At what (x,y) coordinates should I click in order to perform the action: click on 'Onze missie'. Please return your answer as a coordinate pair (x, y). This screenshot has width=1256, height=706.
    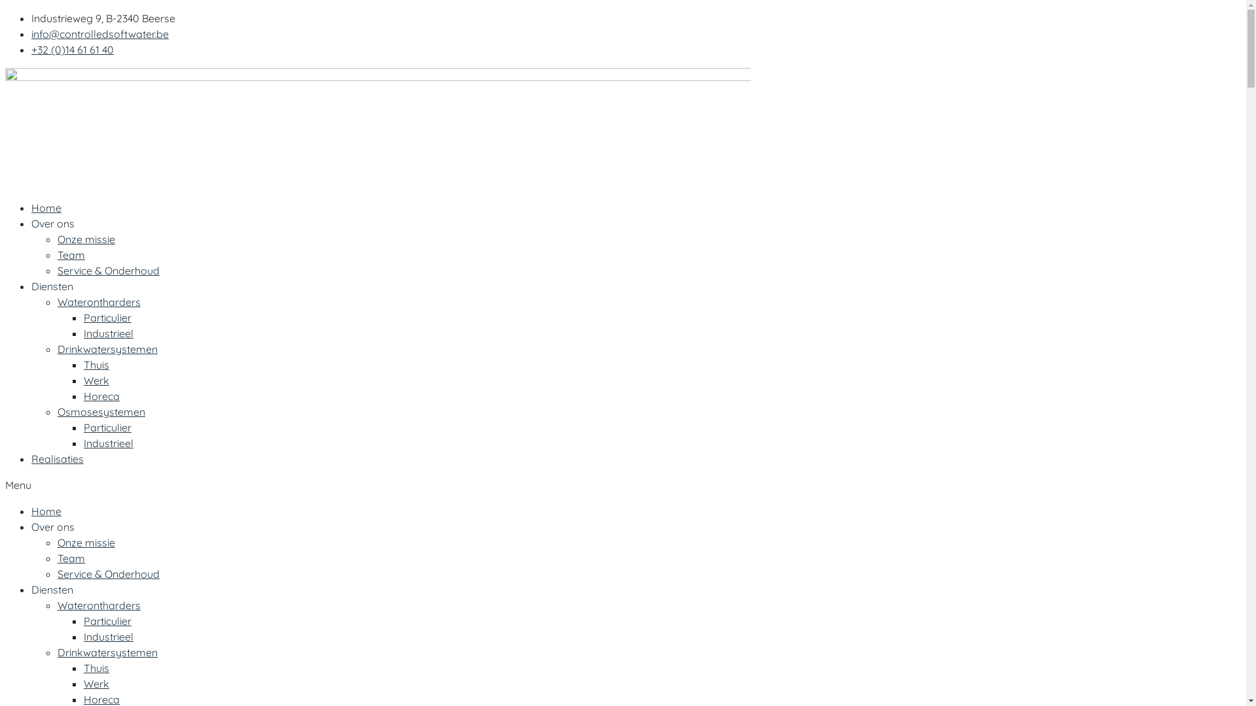
    Looking at the image, I should click on (56, 239).